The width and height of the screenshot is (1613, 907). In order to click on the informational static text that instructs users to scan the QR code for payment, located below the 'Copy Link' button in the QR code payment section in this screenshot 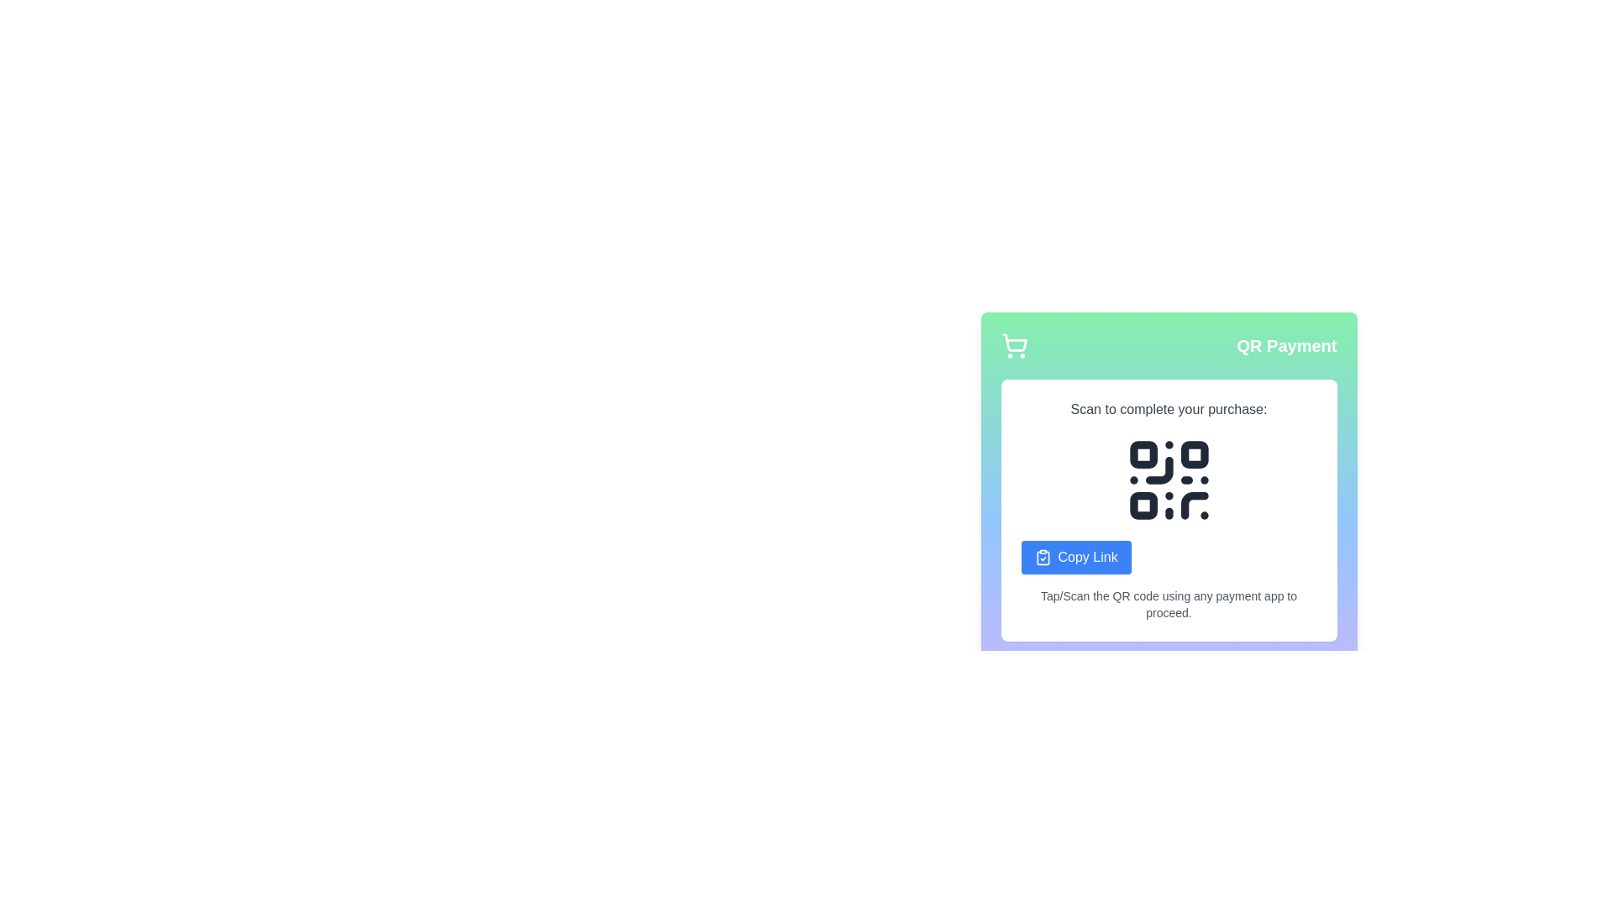, I will do `click(1168, 605)`.